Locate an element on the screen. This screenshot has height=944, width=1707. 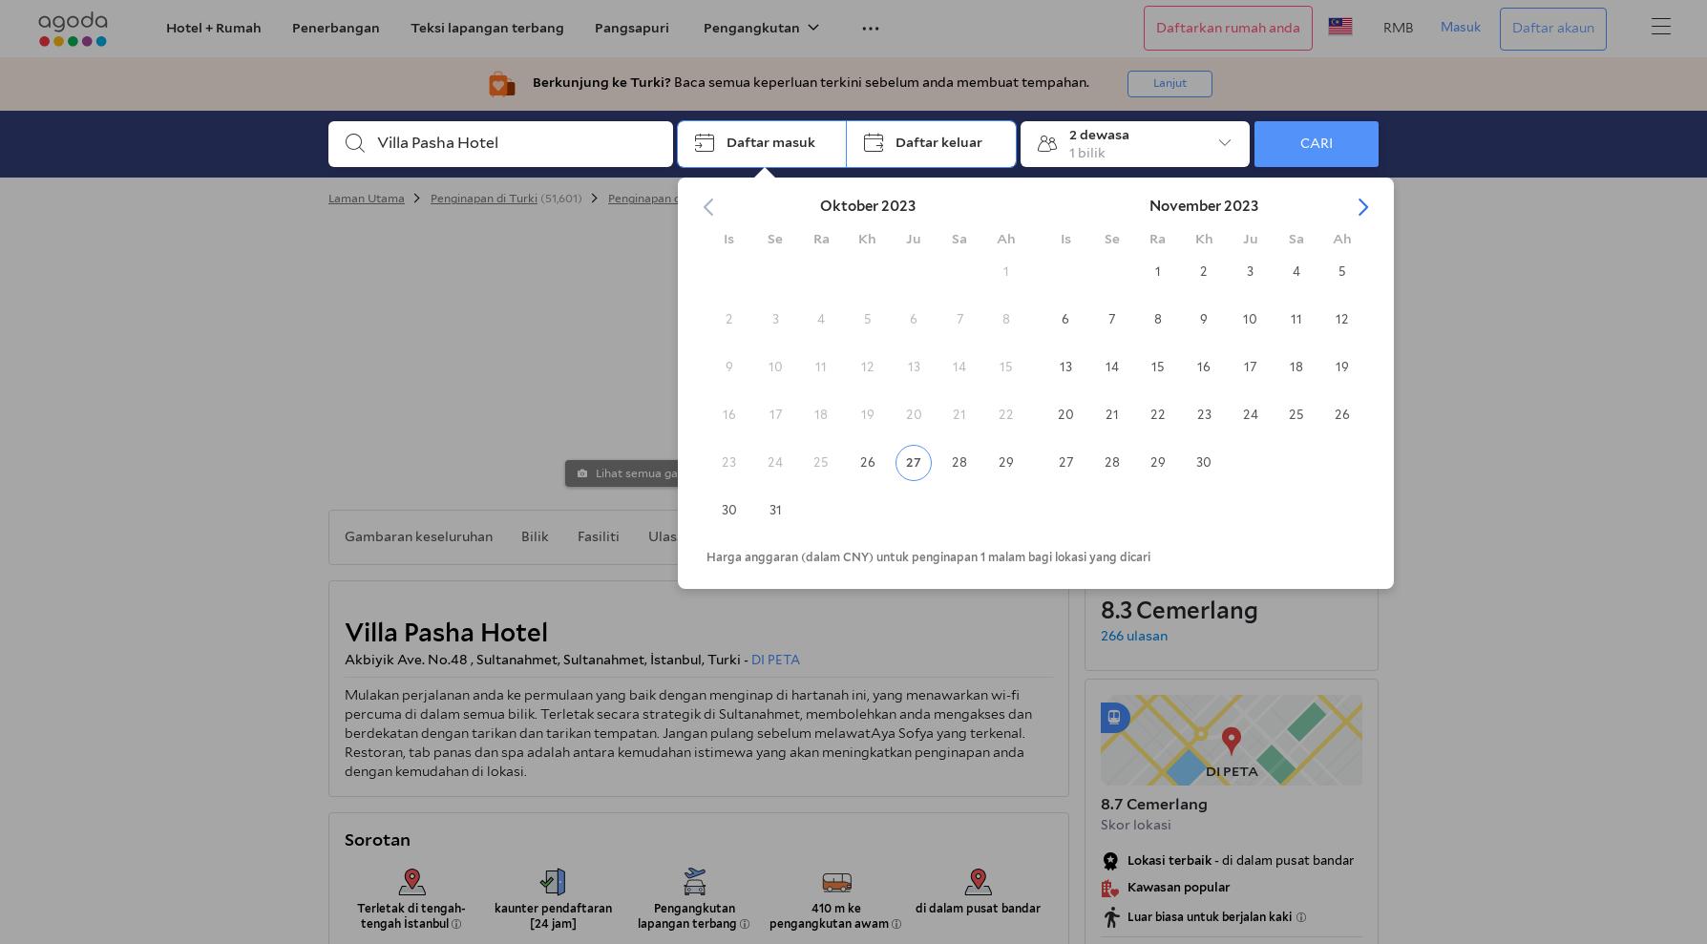
'Ulasan' is located at coordinates (668, 535).